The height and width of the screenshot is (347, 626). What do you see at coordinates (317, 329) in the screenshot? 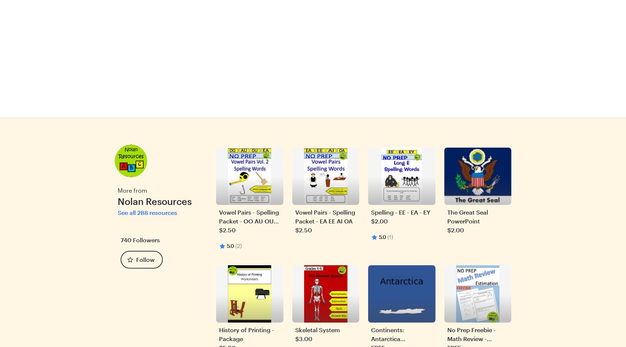
I see `'Skeletal System'` at bounding box center [317, 329].